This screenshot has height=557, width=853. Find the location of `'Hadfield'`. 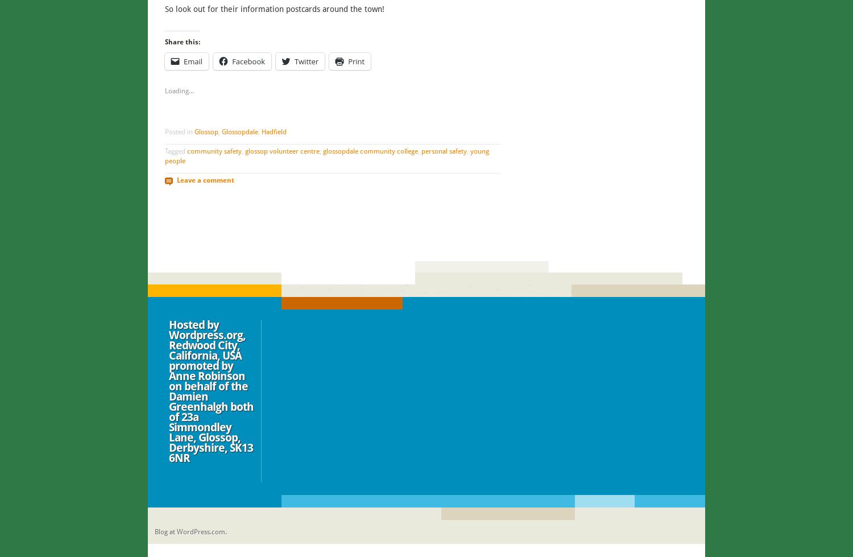

'Hadfield' is located at coordinates (273, 131).